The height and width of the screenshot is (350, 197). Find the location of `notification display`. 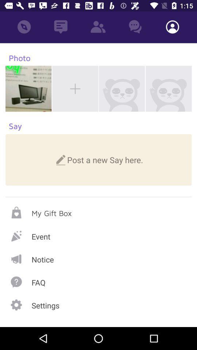

notification display is located at coordinates (98, 259).